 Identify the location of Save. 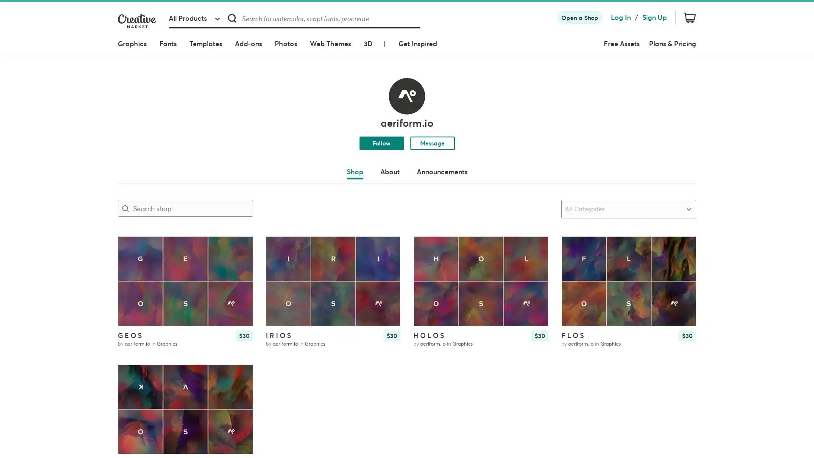
(534, 262).